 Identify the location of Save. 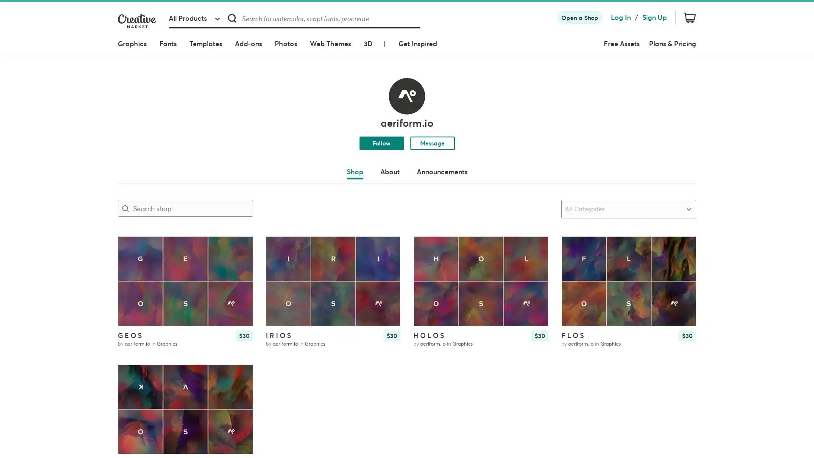
(534, 262).